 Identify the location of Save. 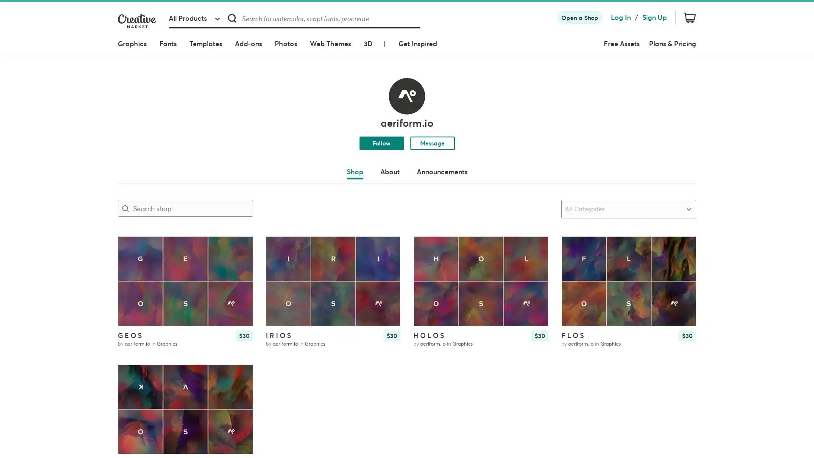
(534, 262).